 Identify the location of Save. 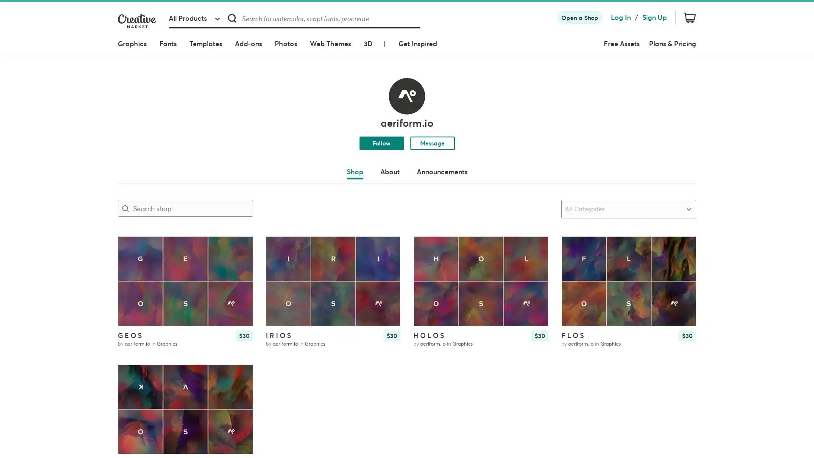
(534, 262).